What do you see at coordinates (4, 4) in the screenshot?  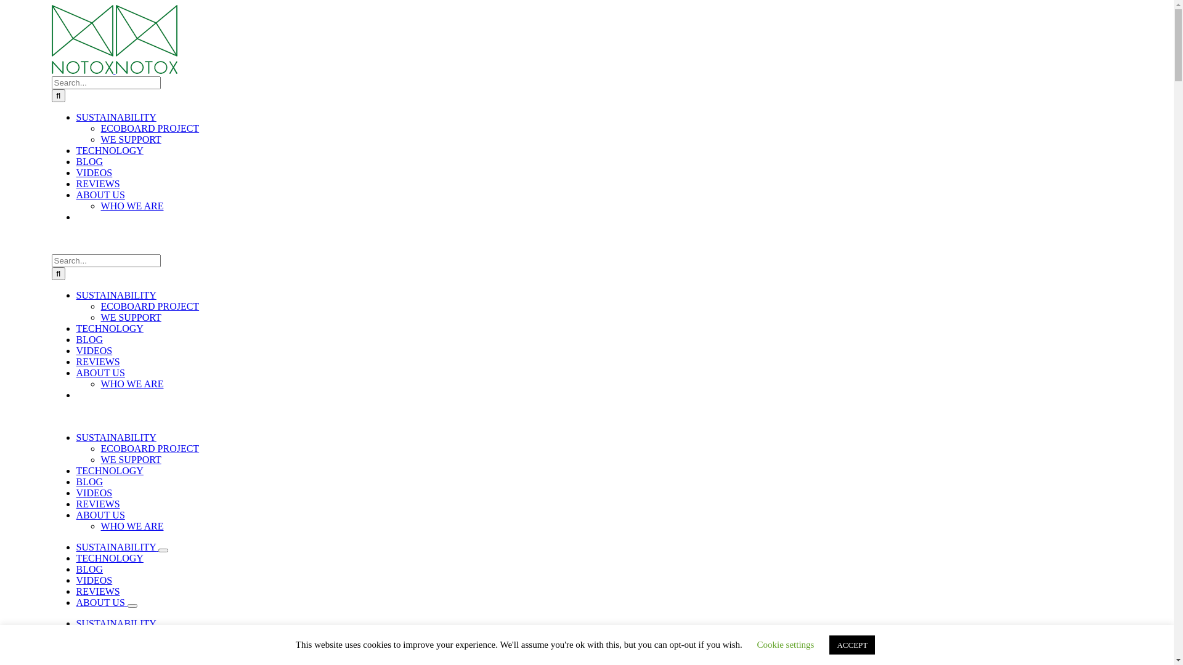 I see `'Skip to content'` at bounding box center [4, 4].